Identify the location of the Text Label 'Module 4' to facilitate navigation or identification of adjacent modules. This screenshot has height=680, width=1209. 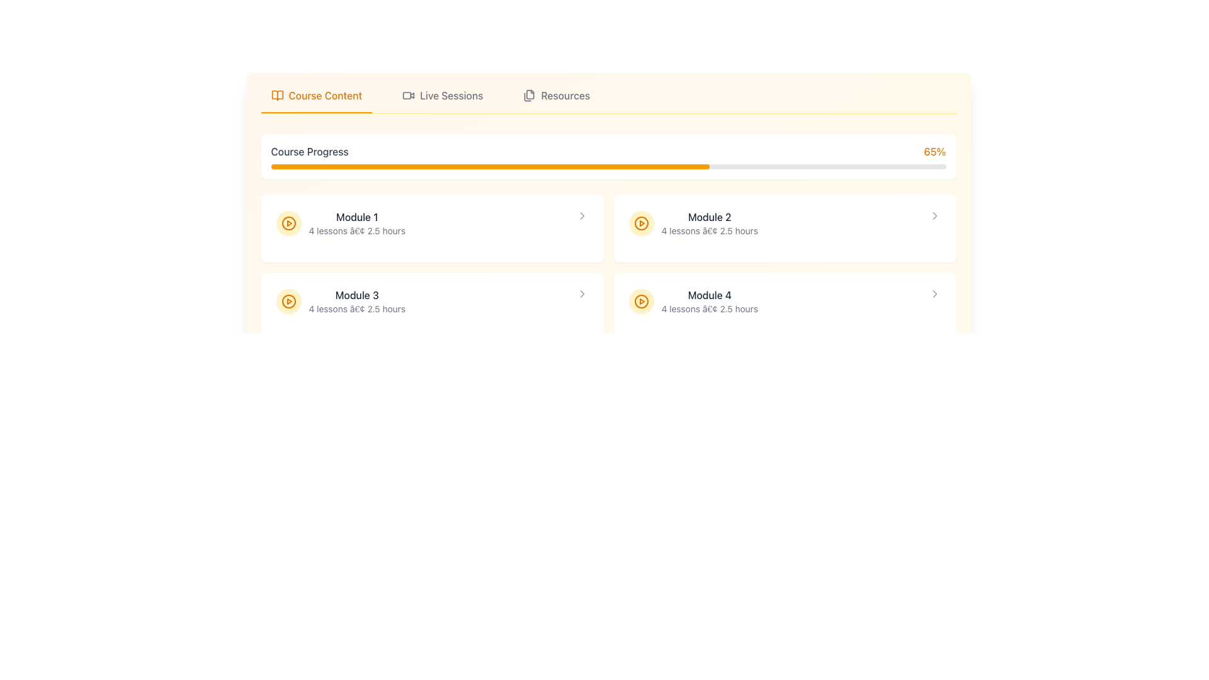
(710, 295).